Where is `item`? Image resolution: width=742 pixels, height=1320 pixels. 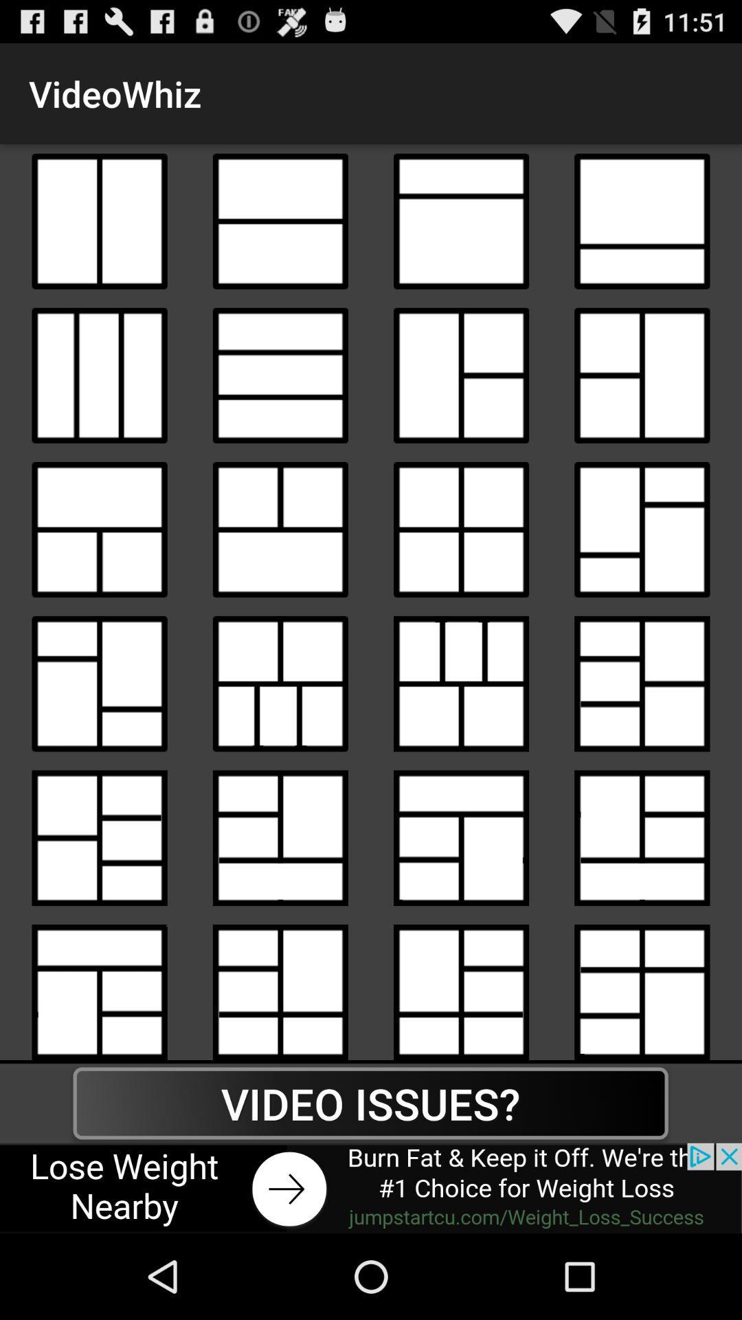
item is located at coordinates (642, 221).